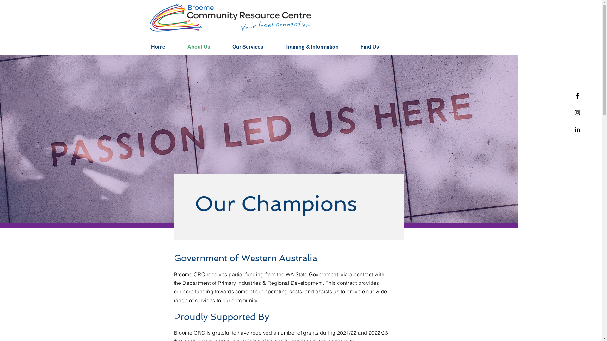  I want to click on 'Find Us', so click(376, 47).